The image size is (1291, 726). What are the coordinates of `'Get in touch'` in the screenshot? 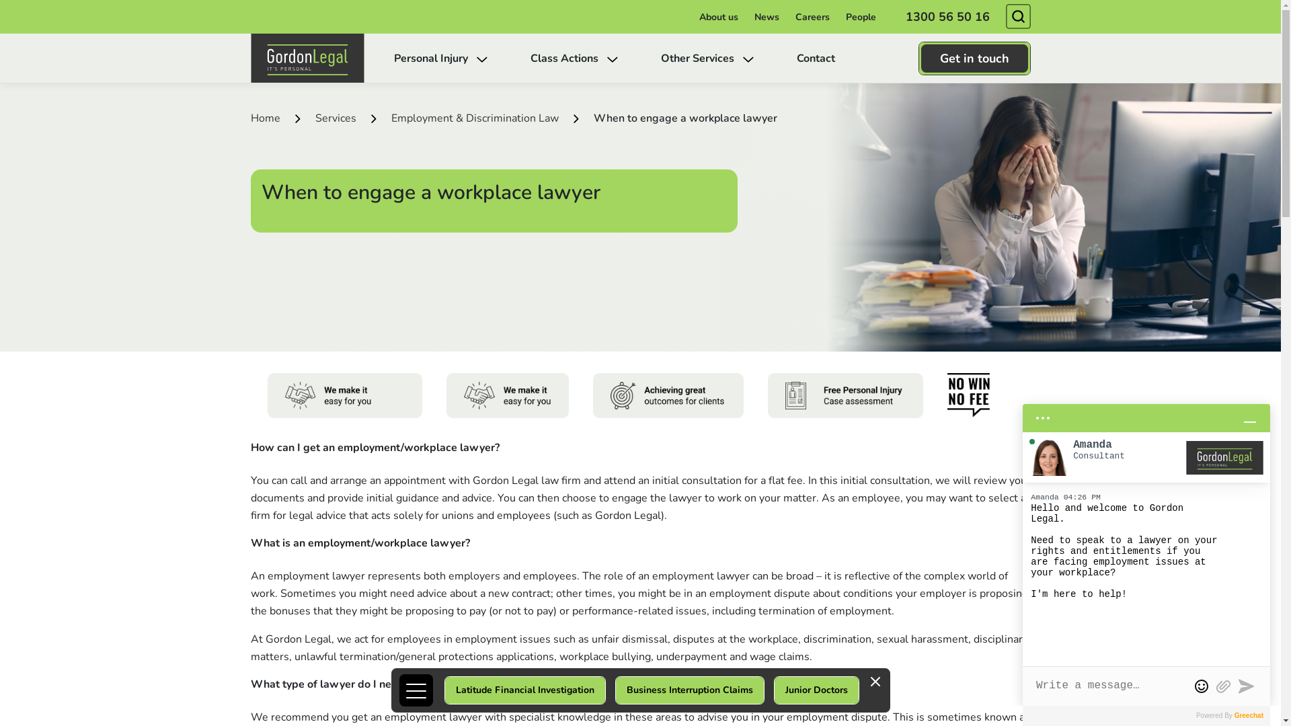 It's located at (974, 58).